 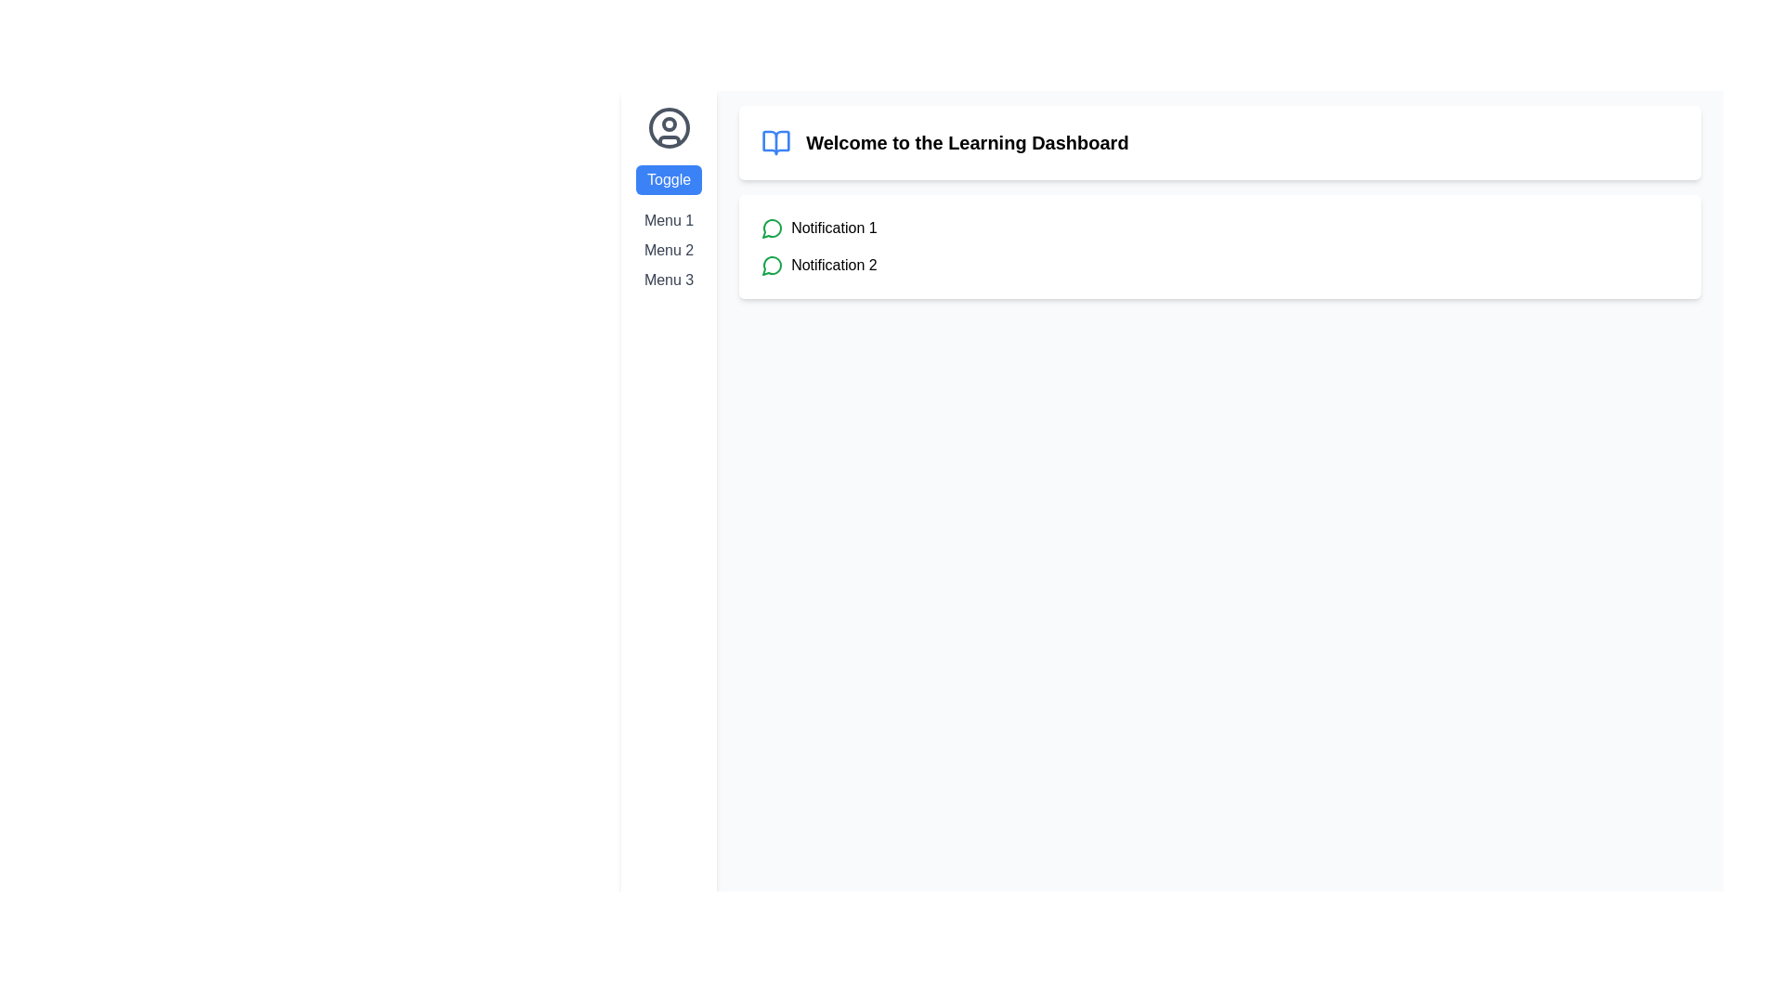 I want to click on the circular user profile icon located at the top-left corner of the sidebar, so click(x=669, y=127).